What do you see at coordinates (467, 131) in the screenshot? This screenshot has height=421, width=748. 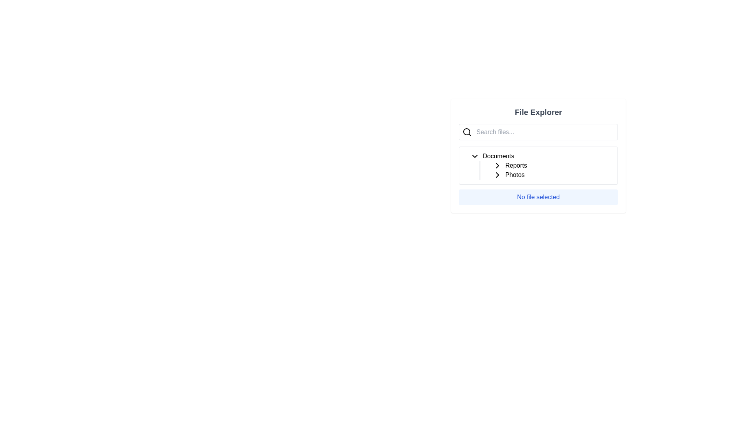 I see `the circular graphical ornament of the magnifying glass icon located to the left of the 'Search files...' input field in the File Explorer interface` at bounding box center [467, 131].